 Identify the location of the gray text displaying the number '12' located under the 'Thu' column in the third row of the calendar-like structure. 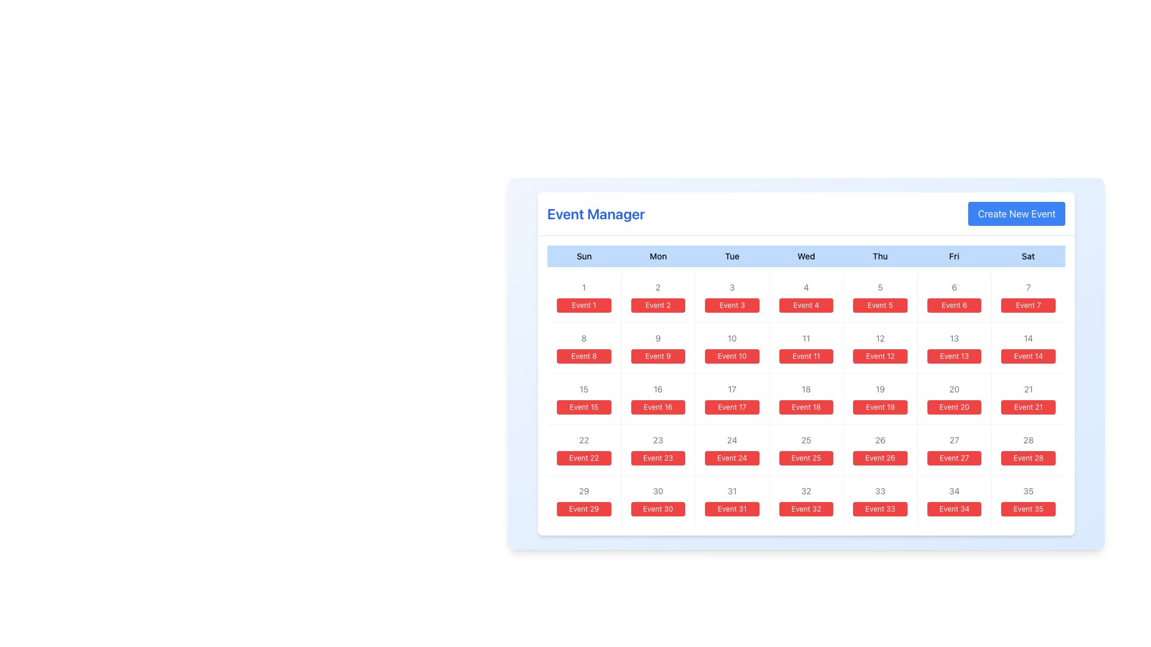
(880, 338).